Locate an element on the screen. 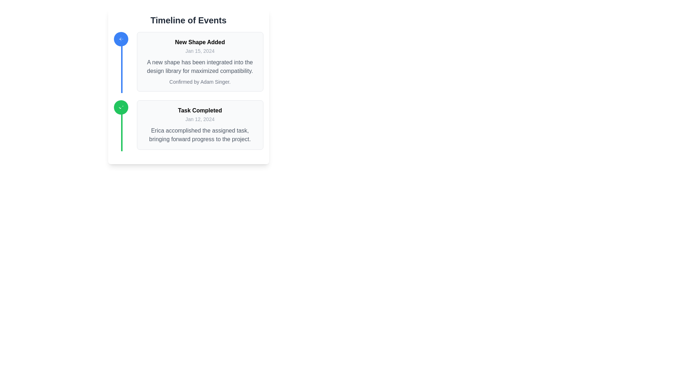 This screenshot has height=388, width=690. the second icon-based progress indicator within the vertical timeline that visually indicates a completed task or milestone in green, located next to the 'Task Completed' entry dated 'Jan 12, 2024' is located at coordinates (121, 107).